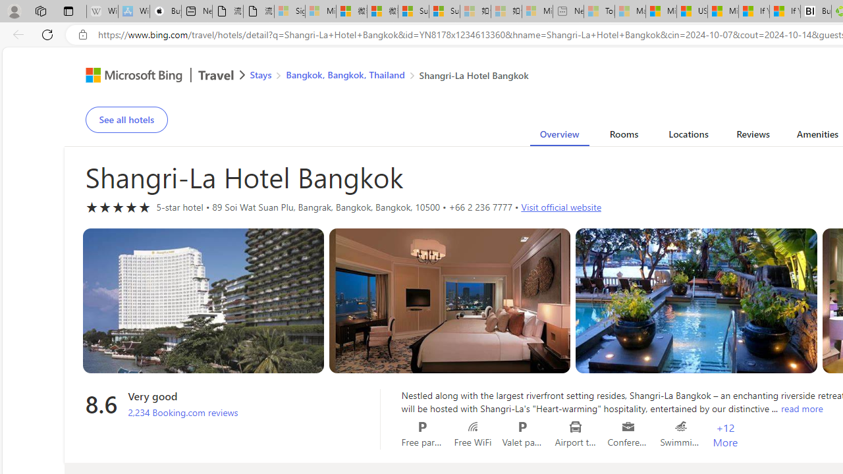 This screenshot has width=843, height=474. I want to click on 'Rooms', so click(623, 136).